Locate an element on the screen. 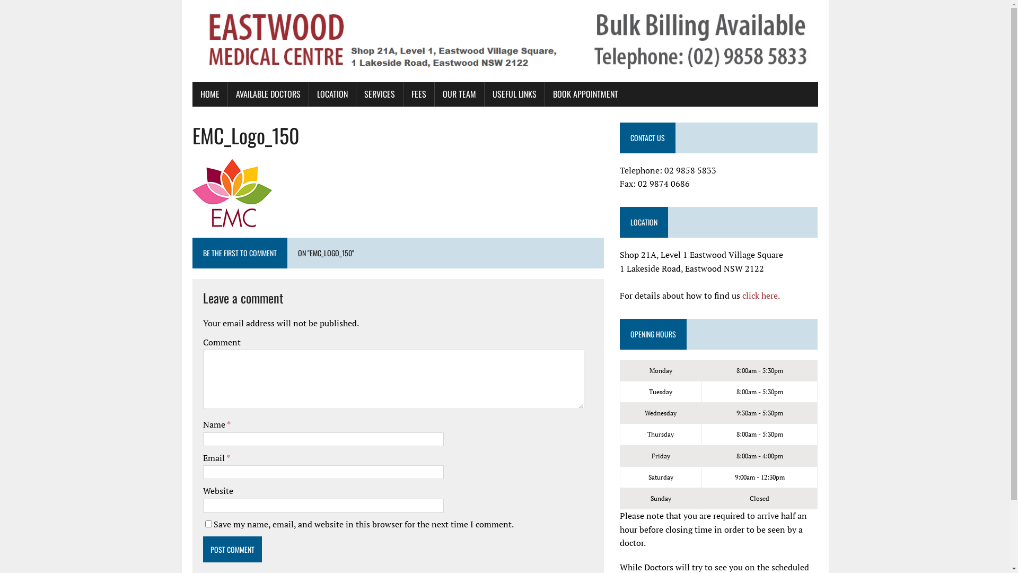 This screenshot has height=573, width=1018. 'click here.' is located at coordinates (760, 295).